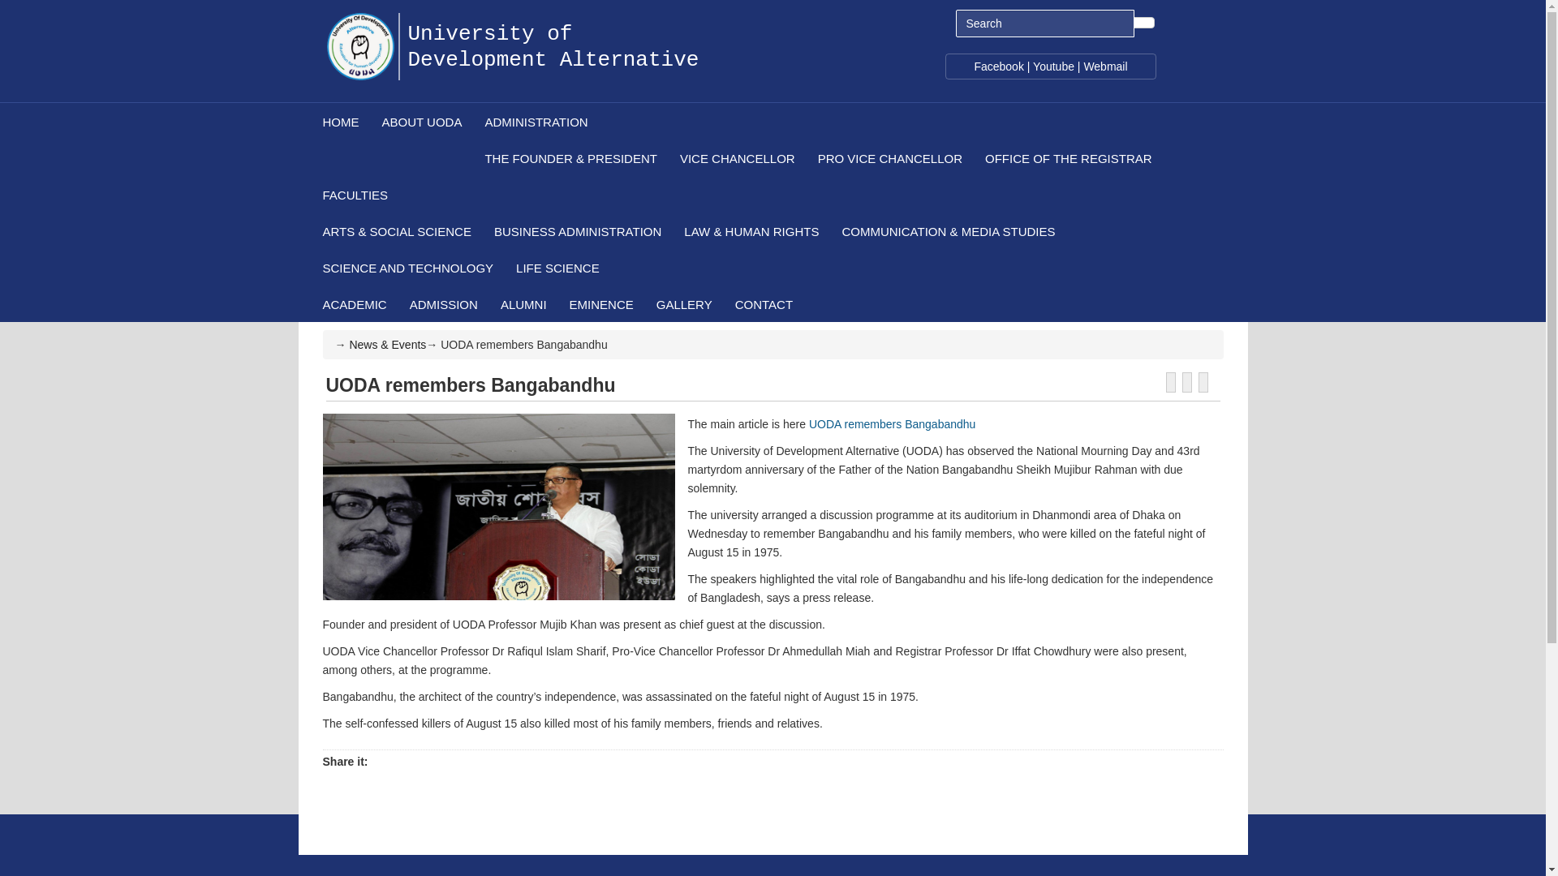 Image resolution: width=1558 pixels, height=876 pixels. What do you see at coordinates (395, 230) in the screenshot?
I see `'ARTS & SOCIAL SCIENCE'` at bounding box center [395, 230].